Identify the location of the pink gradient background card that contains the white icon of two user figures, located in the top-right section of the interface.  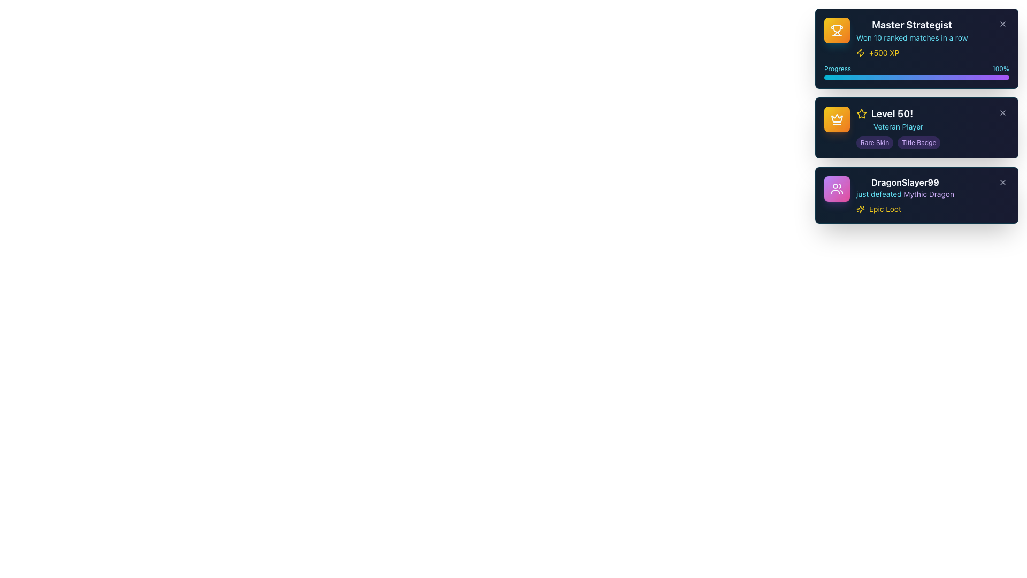
(836, 188).